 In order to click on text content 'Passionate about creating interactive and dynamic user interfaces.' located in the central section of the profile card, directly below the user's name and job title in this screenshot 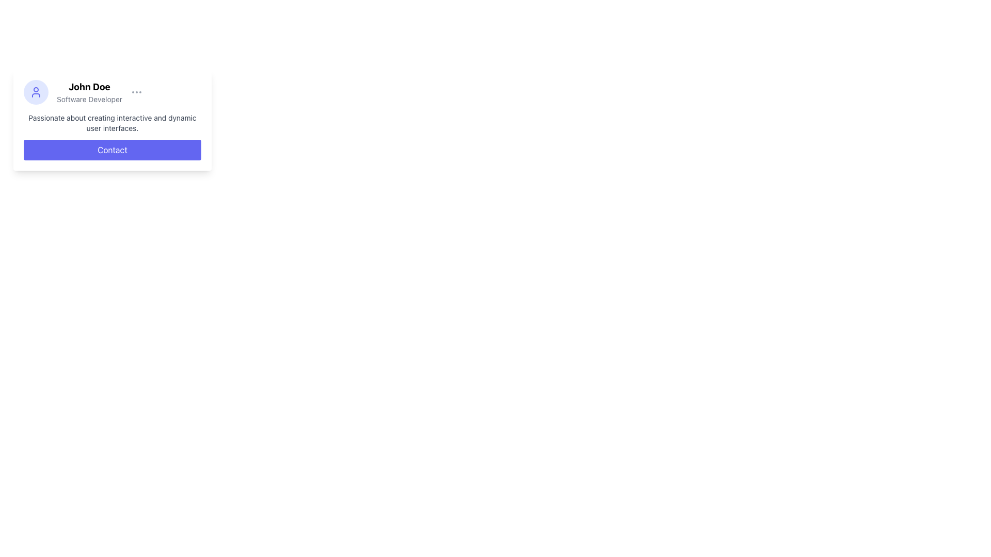, I will do `click(112, 123)`.